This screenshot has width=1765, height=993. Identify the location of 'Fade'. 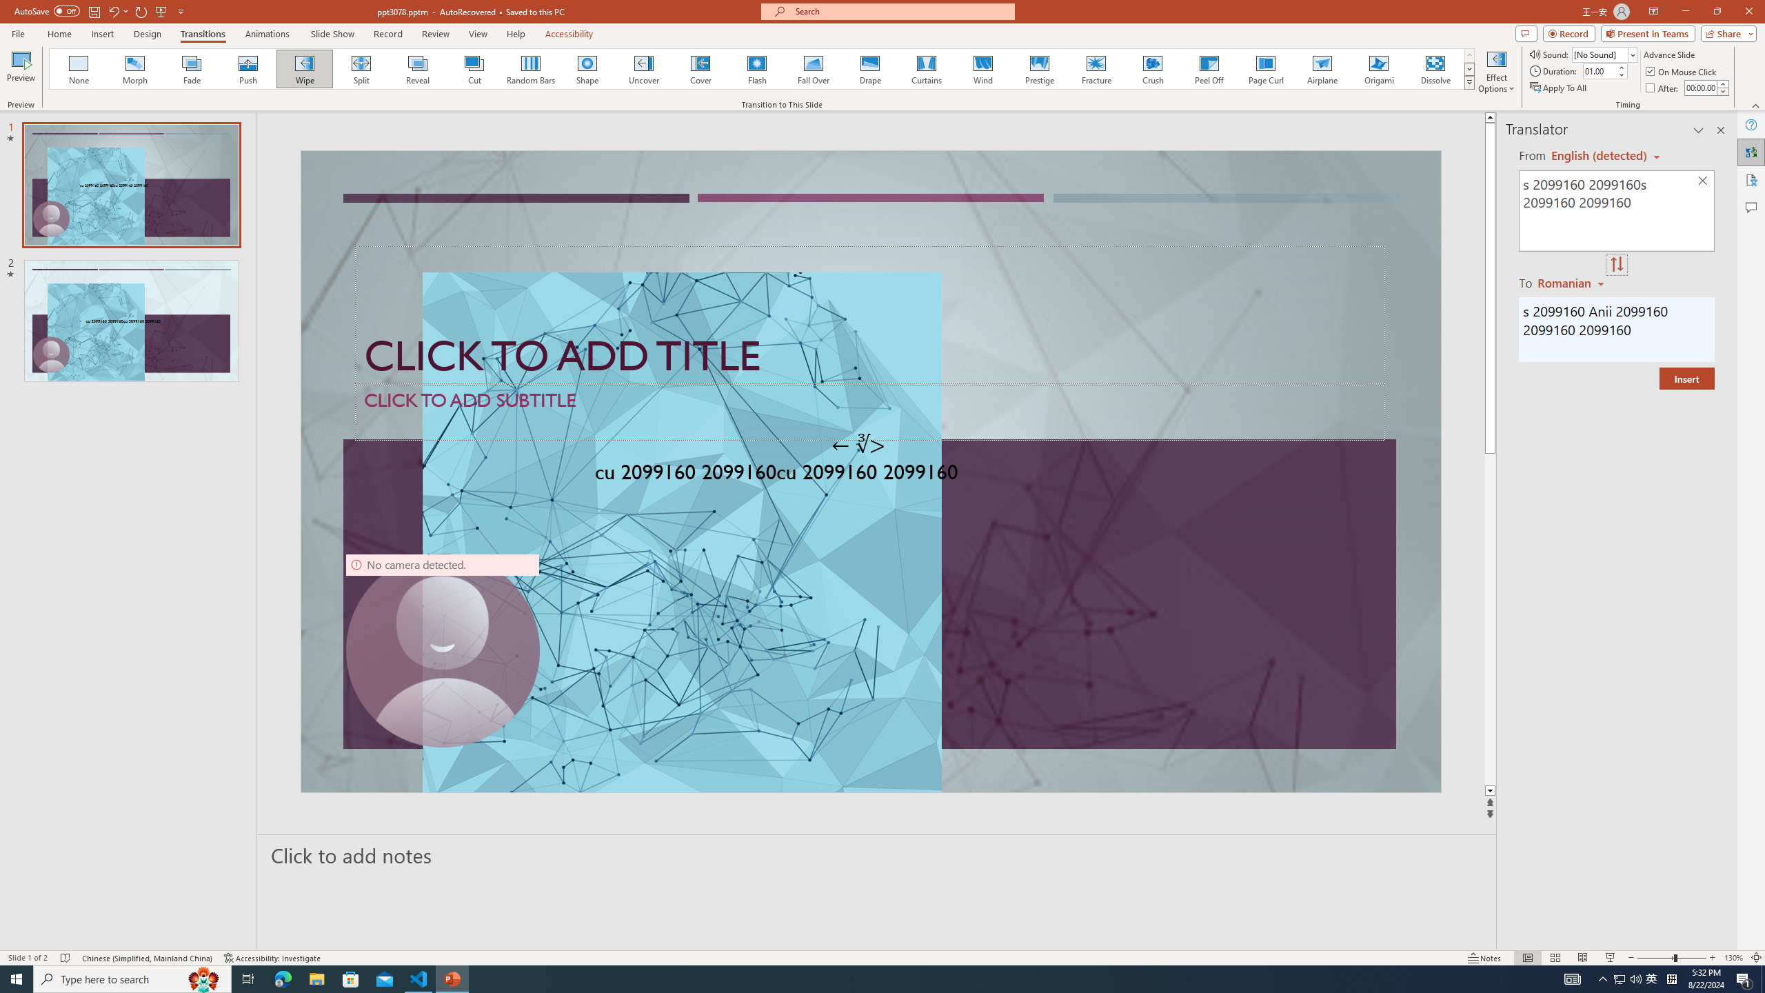
(192, 68).